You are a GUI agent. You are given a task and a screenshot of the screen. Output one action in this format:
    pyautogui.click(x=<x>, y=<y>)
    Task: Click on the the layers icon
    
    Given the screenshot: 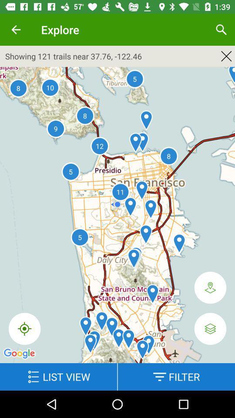 What is the action you would take?
    pyautogui.click(x=210, y=328)
    